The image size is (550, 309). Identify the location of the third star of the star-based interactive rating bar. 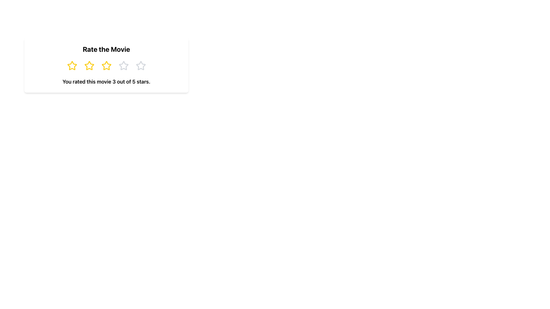
(106, 66).